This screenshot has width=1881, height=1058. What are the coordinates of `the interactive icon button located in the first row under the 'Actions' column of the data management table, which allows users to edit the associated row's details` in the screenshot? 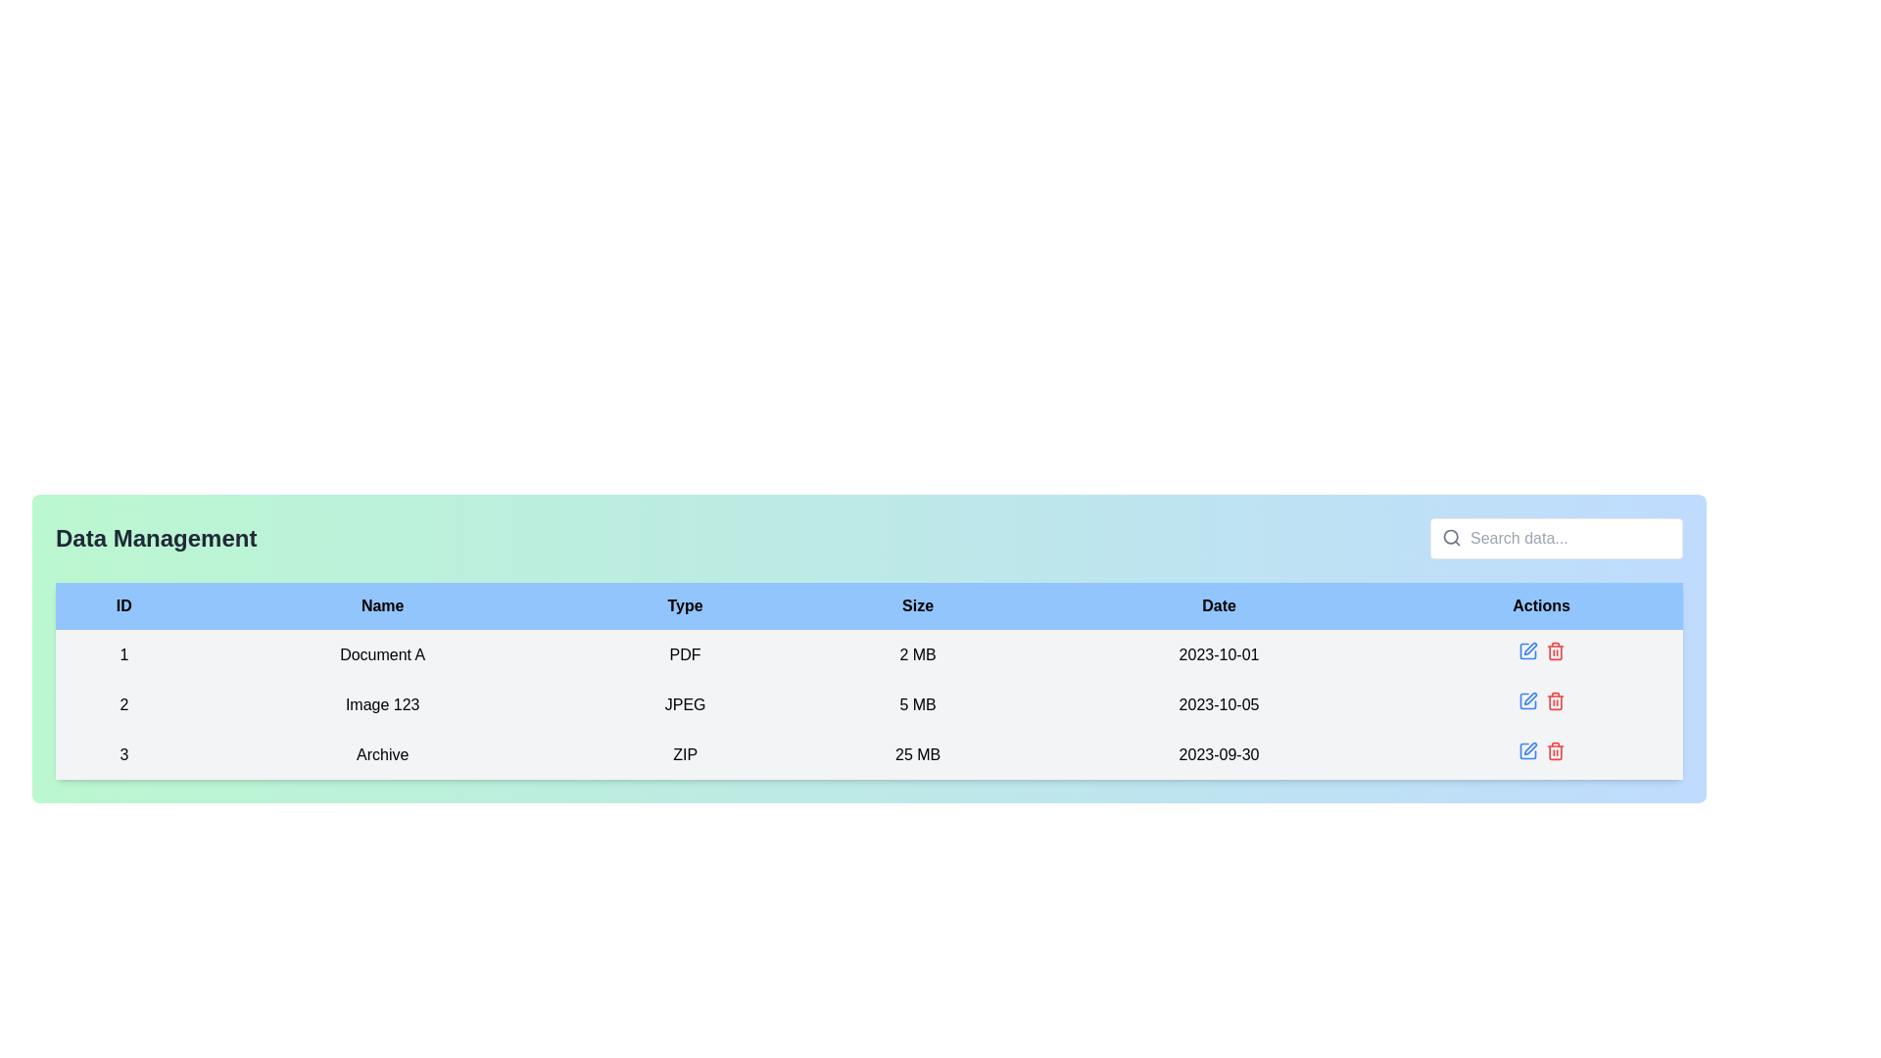 It's located at (1526, 650).